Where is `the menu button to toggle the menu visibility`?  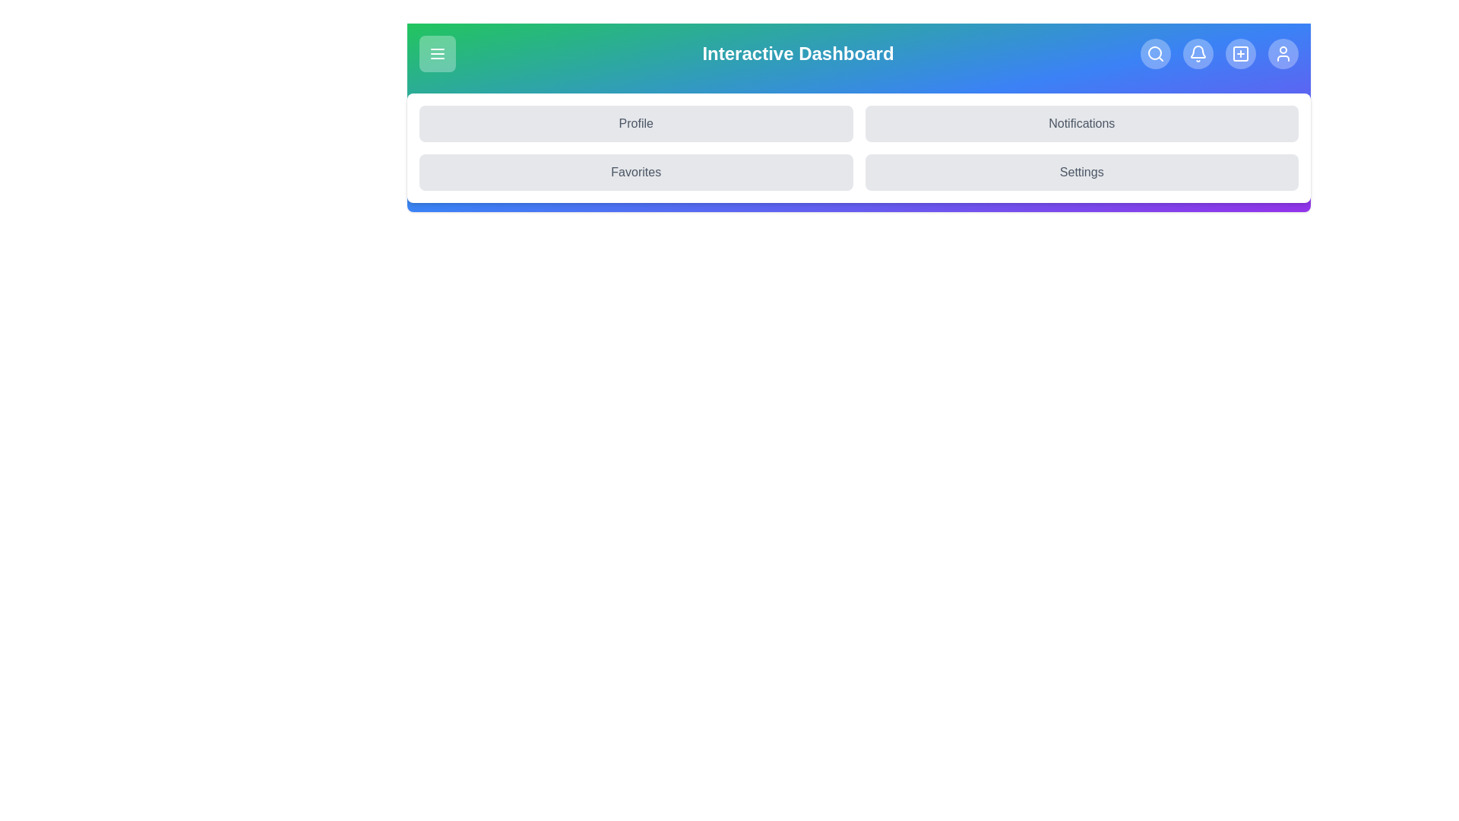 the menu button to toggle the menu visibility is located at coordinates (437, 52).